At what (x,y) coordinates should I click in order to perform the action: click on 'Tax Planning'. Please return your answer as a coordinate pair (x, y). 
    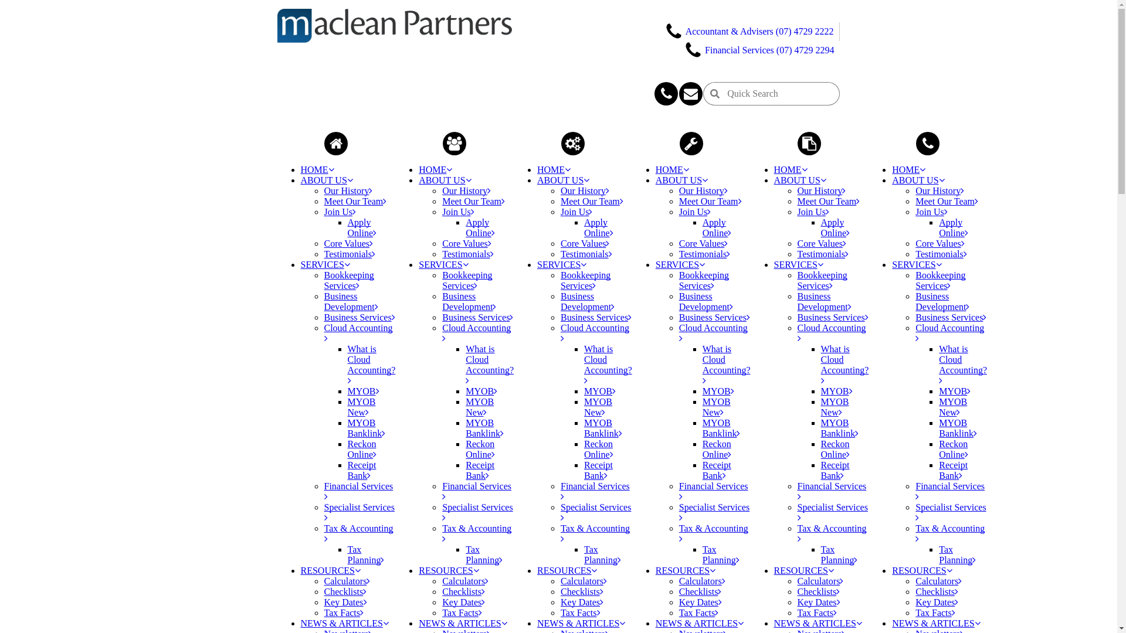
    Looking at the image, I should click on (957, 554).